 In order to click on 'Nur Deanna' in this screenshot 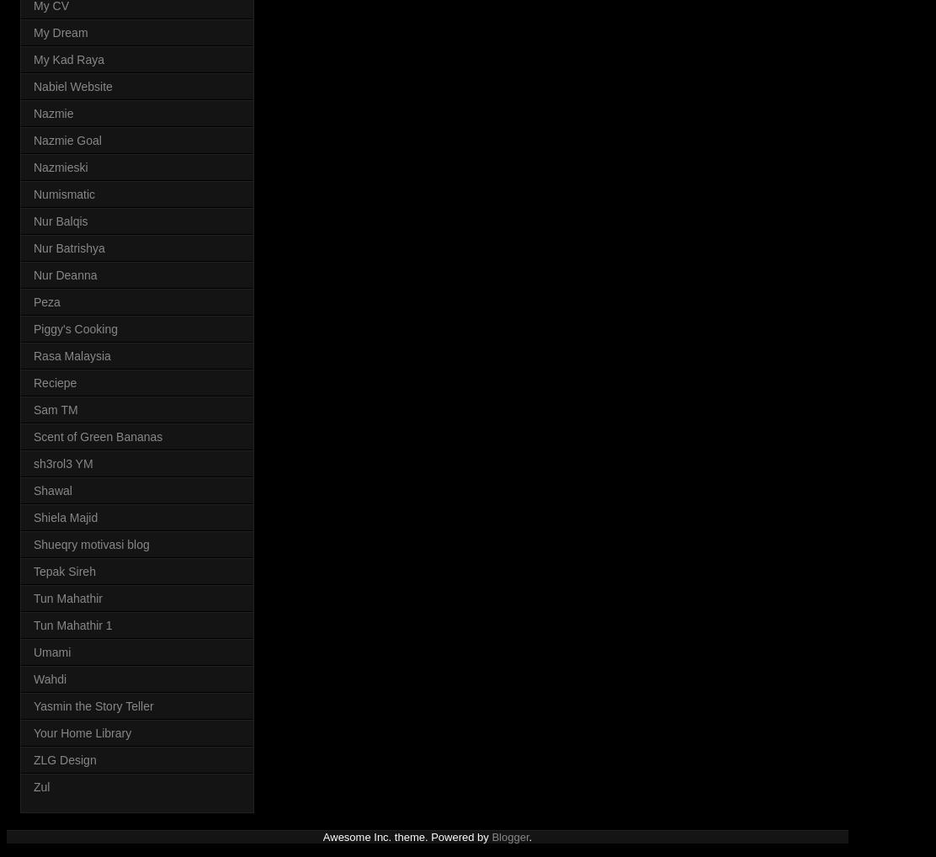, I will do `click(34, 273)`.